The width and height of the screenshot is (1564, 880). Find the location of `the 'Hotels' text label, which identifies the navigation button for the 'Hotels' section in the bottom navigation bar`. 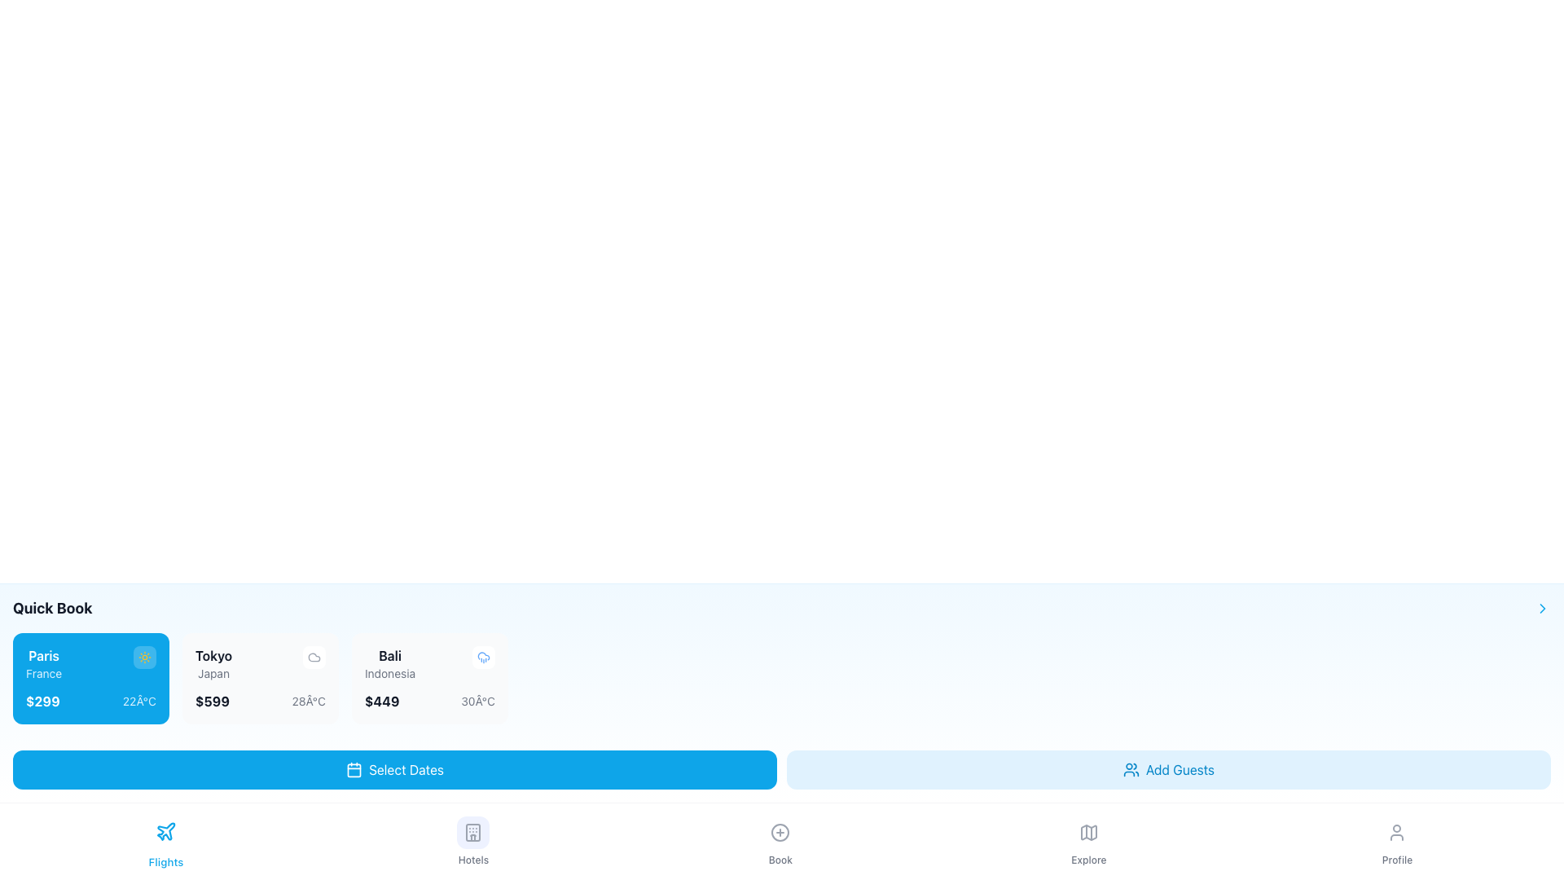

the 'Hotels' text label, which identifies the navigation button for the 'Hotels' section in the bottom navigation bar is located at coordinates (472, 860).